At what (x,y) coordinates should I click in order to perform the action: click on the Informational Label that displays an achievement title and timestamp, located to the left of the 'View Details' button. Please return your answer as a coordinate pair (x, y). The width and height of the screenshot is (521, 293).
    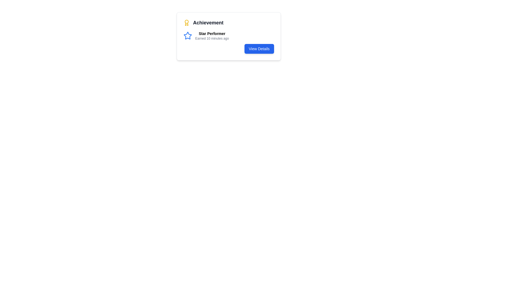
    Looking at the image, I should click on (228, 36).